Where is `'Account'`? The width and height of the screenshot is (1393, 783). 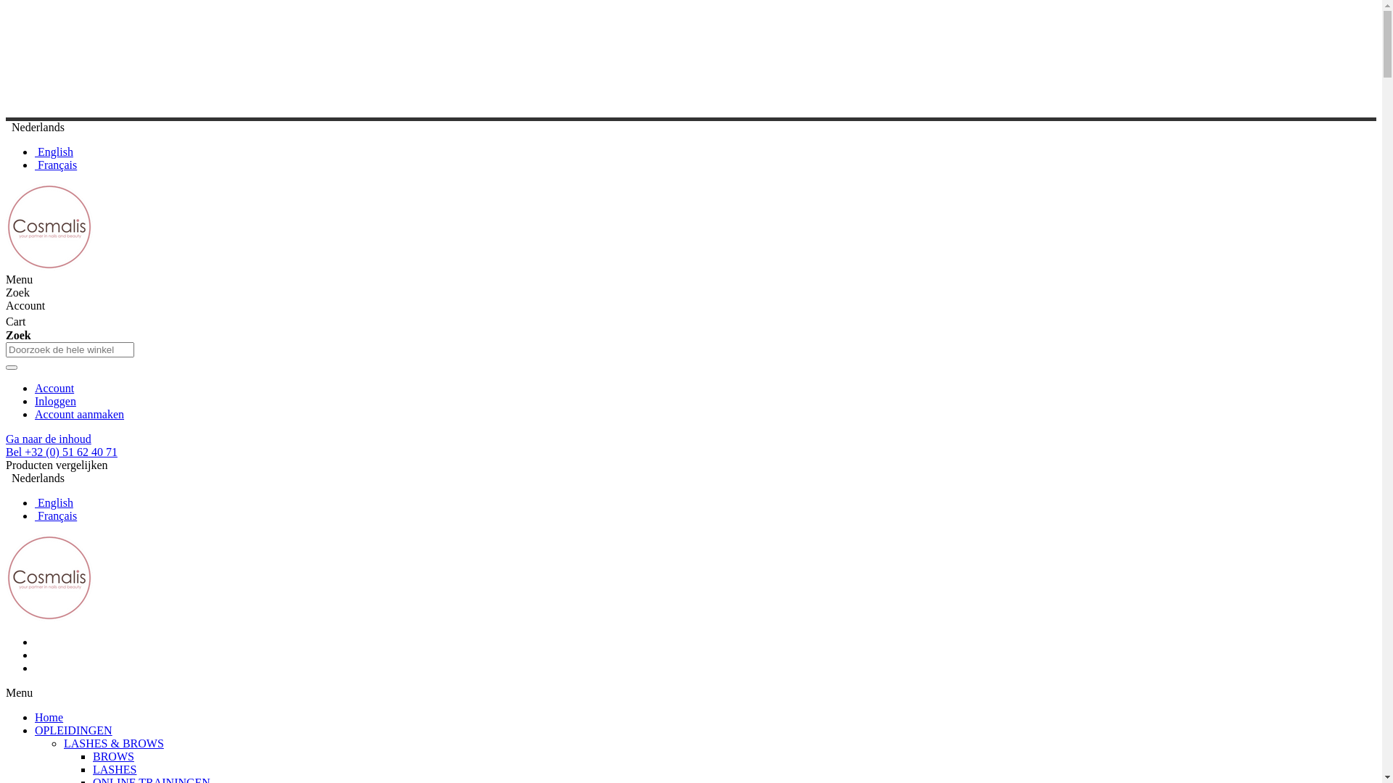
'Account' is located at coordinates (54, 387).